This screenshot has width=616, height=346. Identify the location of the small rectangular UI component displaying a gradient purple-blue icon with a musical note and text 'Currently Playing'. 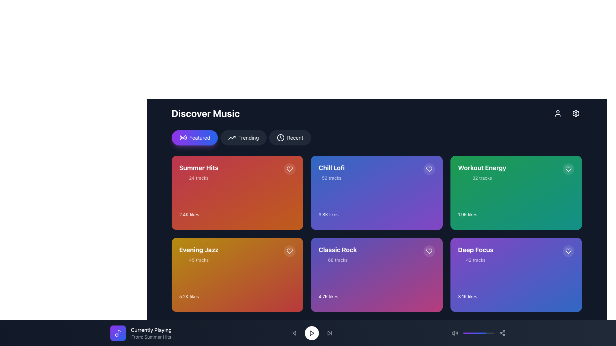
(141, 333).